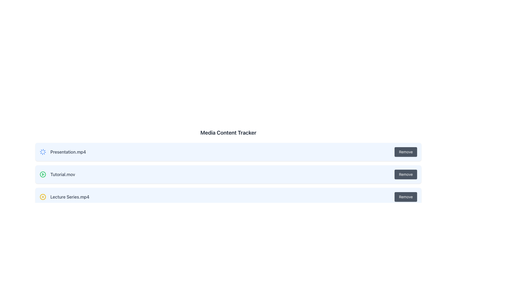 The image size is (515, 289). Describe the element at coordinates (69, 197) in the screenshot. I see `the text label displaying the filename 'Lecture Series.mp4', which is the third item in a list of media files and is positioned to the right of a yellow circular icon with a pause symbol` at that location.